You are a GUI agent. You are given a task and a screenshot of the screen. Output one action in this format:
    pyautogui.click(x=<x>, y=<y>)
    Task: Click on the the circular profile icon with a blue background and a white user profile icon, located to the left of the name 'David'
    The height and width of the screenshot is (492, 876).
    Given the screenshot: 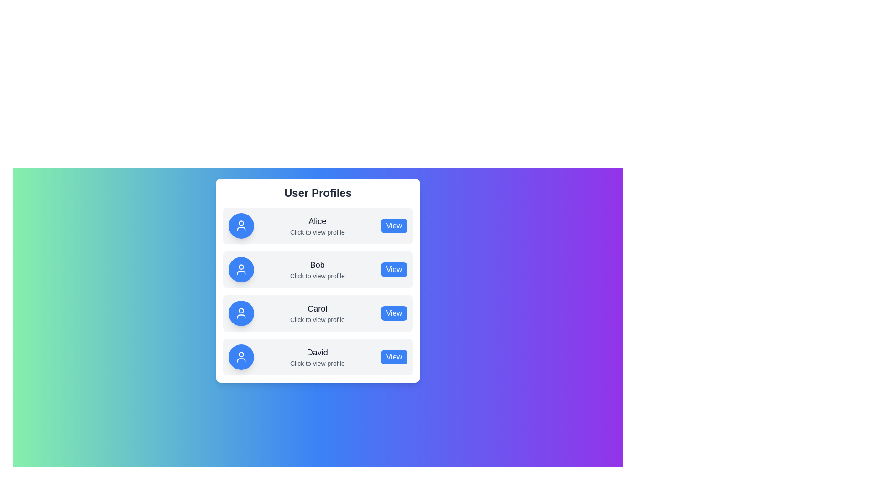 What is the action you would take?
    pyautogui.click(x=241, y=356)
    